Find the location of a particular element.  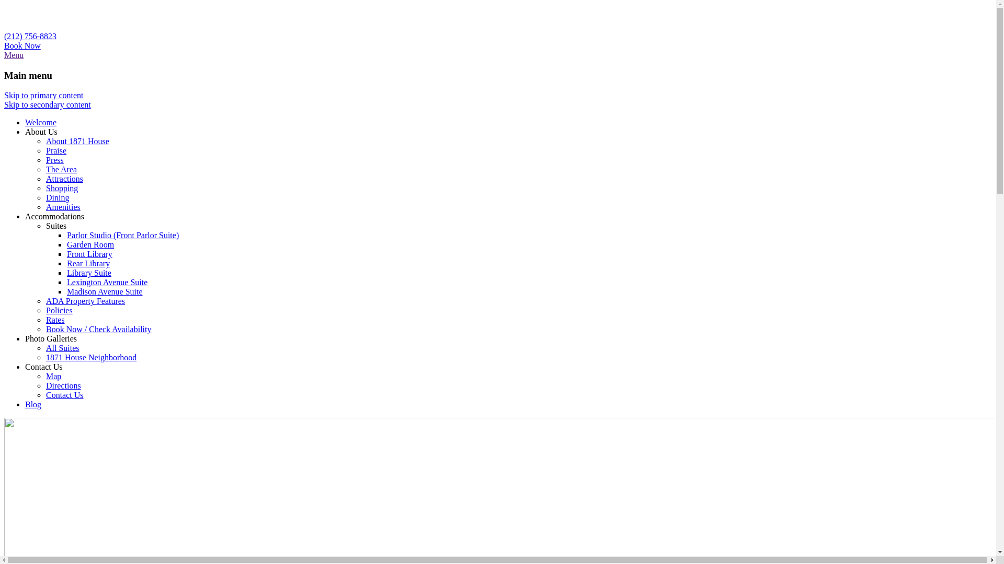

'The Area' is located at coordinates (45, 169).